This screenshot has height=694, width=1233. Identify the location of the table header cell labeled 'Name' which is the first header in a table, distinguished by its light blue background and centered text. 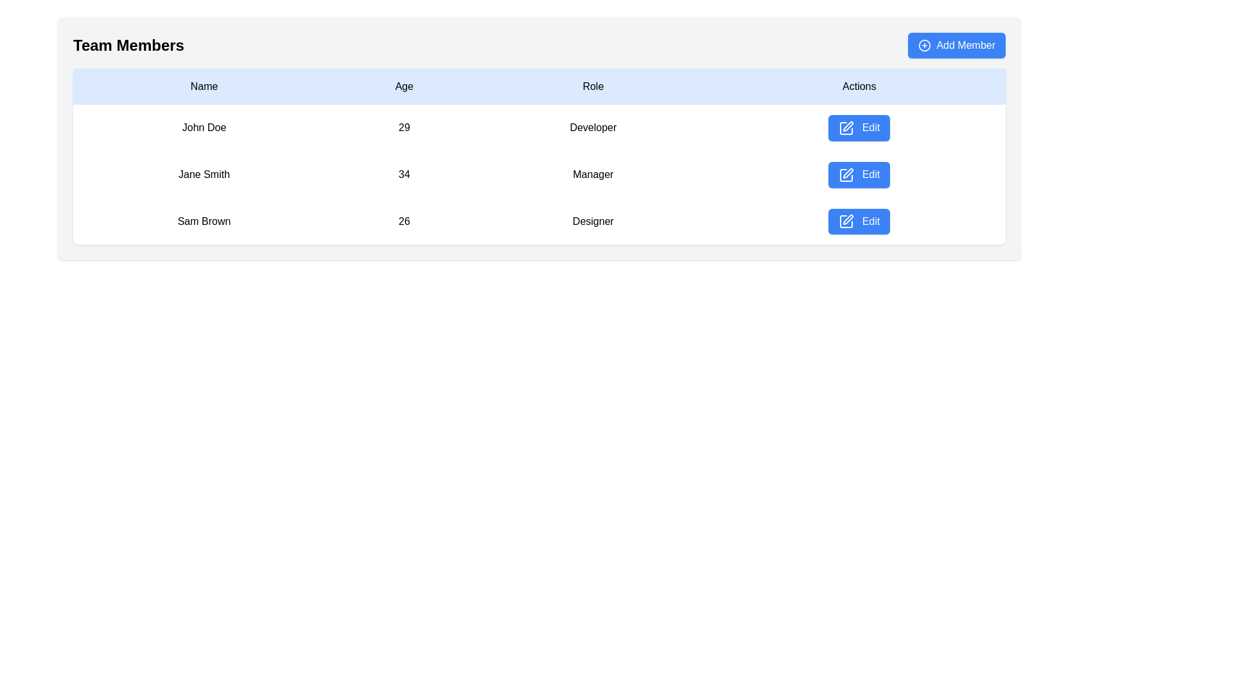
(203, 87).